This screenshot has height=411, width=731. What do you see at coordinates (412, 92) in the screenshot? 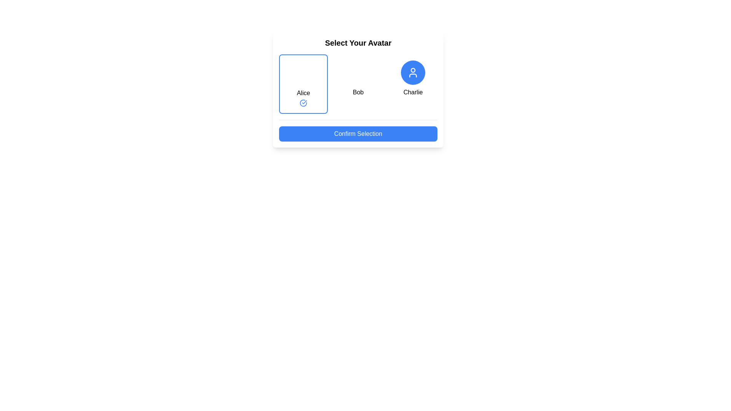
I see `the text label displaying the name 'Charlie', which is styled with a medium font weight and is positioned below a circular icon with a blue background and a white user silhouette, as part of the third item in a horizontal list of selectable avatar options` at bounding box center [412, 92].